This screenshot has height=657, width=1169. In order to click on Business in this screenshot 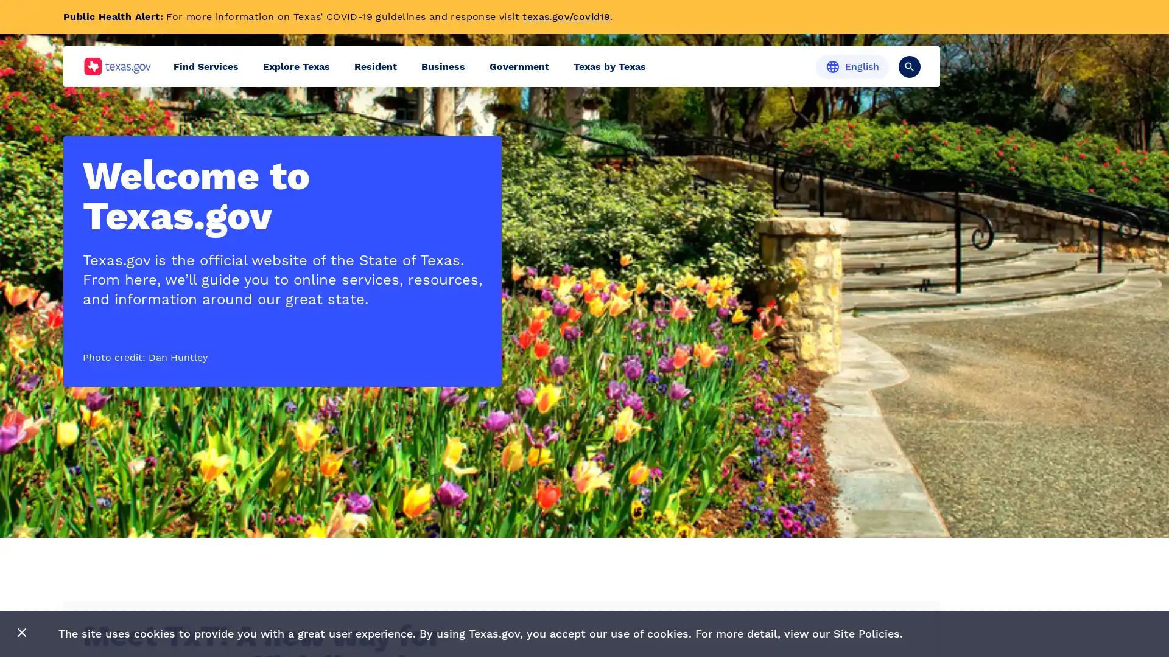, I will do `click(443, 66)`.